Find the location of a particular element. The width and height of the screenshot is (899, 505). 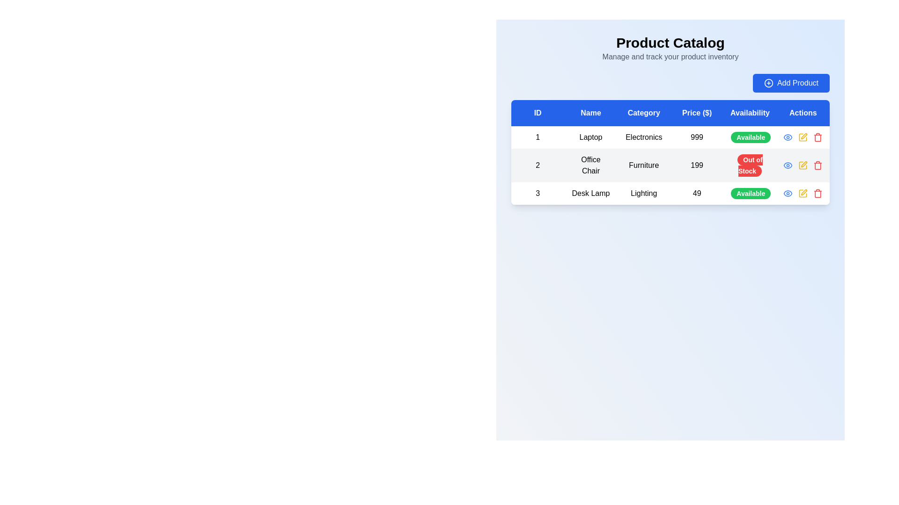

the yellow pencil icon representing the 'Edit' action, which is the second icon from the left in the 'Actions' column of the third row in the product table is located at coordinates (803, 193).